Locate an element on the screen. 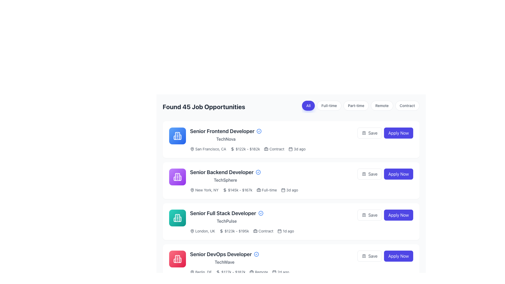  the text label displaying 'TechNova' located beneath the 'Senior Frontend Developer' title in the first job opportunity card is located at coordinates (226, 139).